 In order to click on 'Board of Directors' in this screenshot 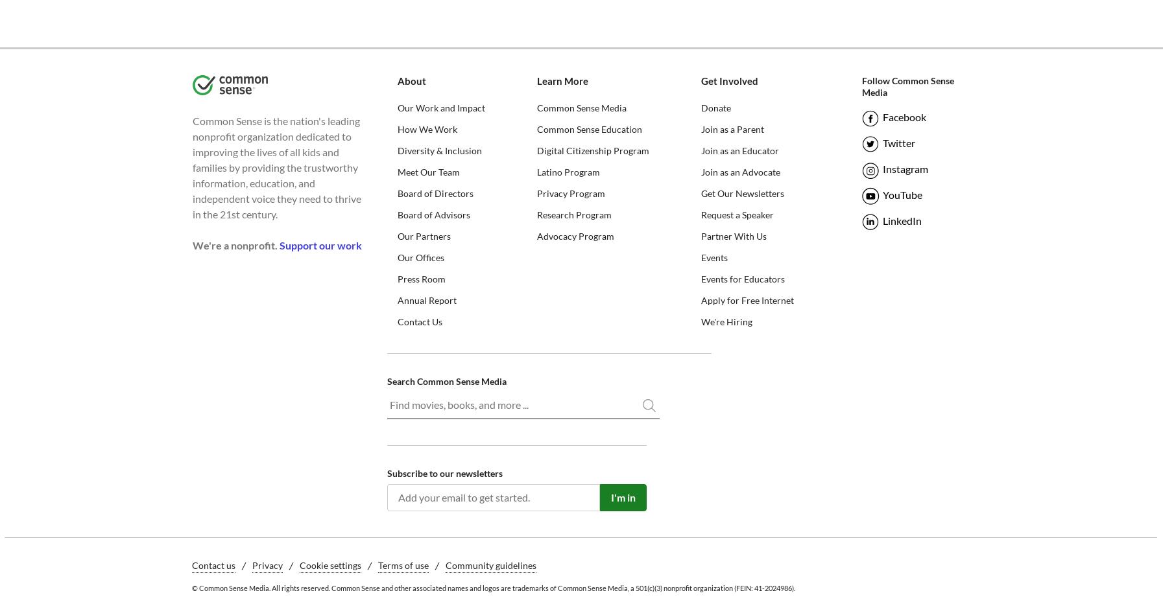, I will do `click(434, 192)`.